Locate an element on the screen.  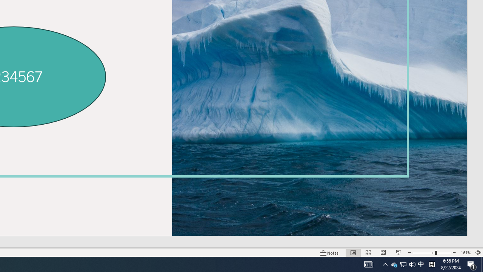
'Zoom 161%' is located at coordinates (465, 253).